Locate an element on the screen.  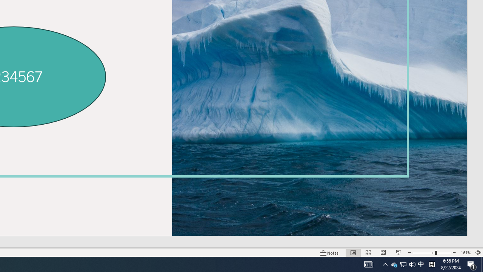
'Zoom 161%' is located at coordinates (465, 253).